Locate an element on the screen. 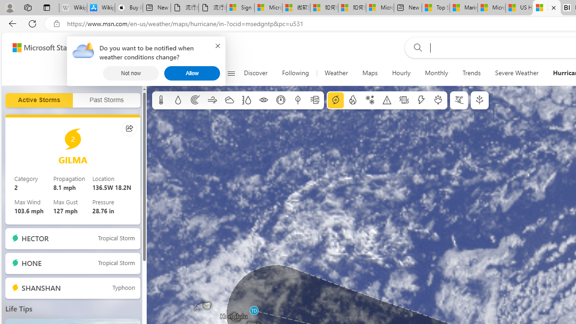 The image size is (576, 324). 'Humidity' is located at coordinates (246, 100).